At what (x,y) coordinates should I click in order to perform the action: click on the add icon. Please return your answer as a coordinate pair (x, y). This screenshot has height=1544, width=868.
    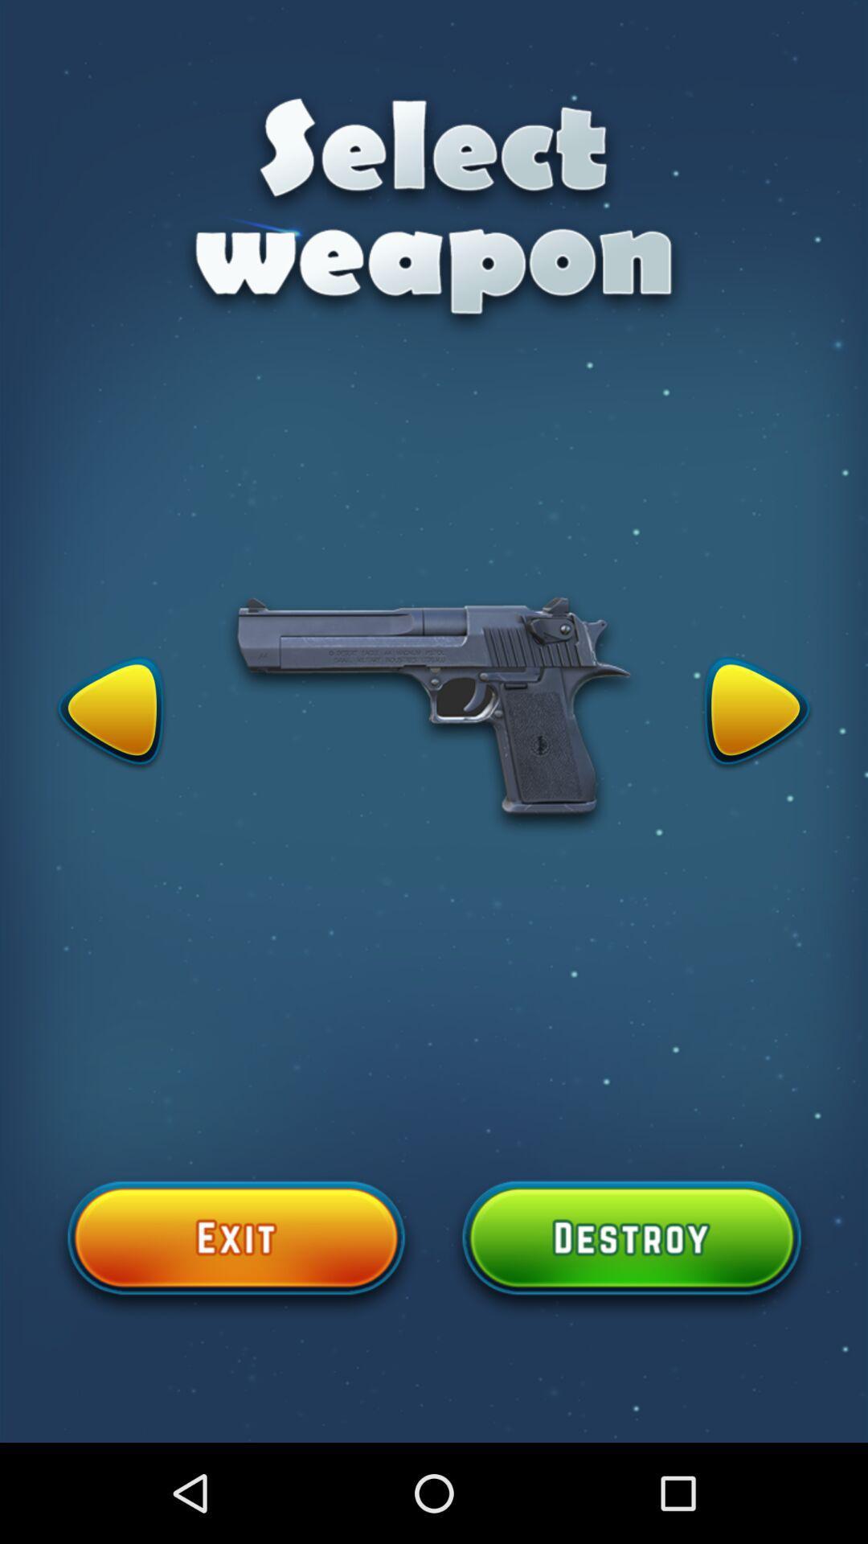
    Looking at the image, I should click on (235, 1335).